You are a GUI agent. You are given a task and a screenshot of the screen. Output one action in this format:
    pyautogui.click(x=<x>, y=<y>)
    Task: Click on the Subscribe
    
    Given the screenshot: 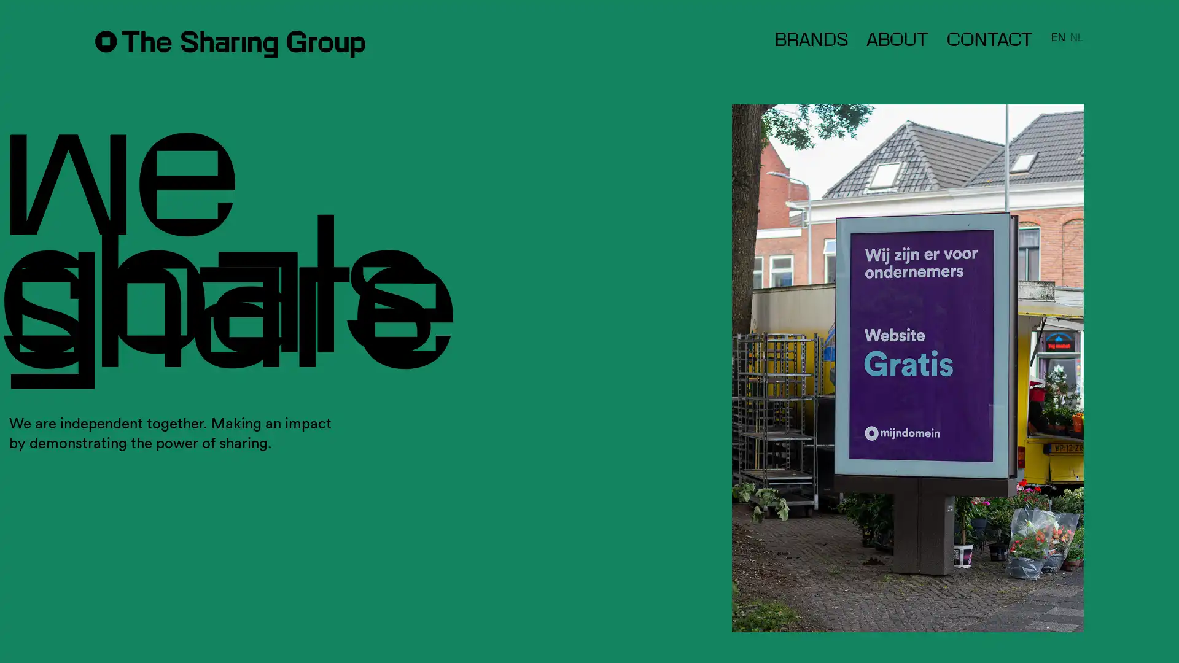 What is the action you would take?
    pyautogui.click(x=1013, y=499)
    